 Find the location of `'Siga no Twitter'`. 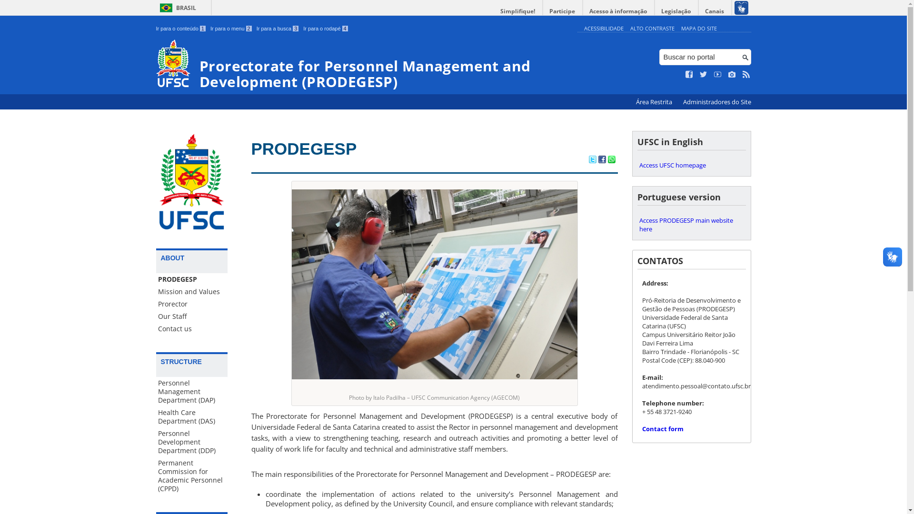

'Siga no Twitter' is located at coordinates (704, 74).